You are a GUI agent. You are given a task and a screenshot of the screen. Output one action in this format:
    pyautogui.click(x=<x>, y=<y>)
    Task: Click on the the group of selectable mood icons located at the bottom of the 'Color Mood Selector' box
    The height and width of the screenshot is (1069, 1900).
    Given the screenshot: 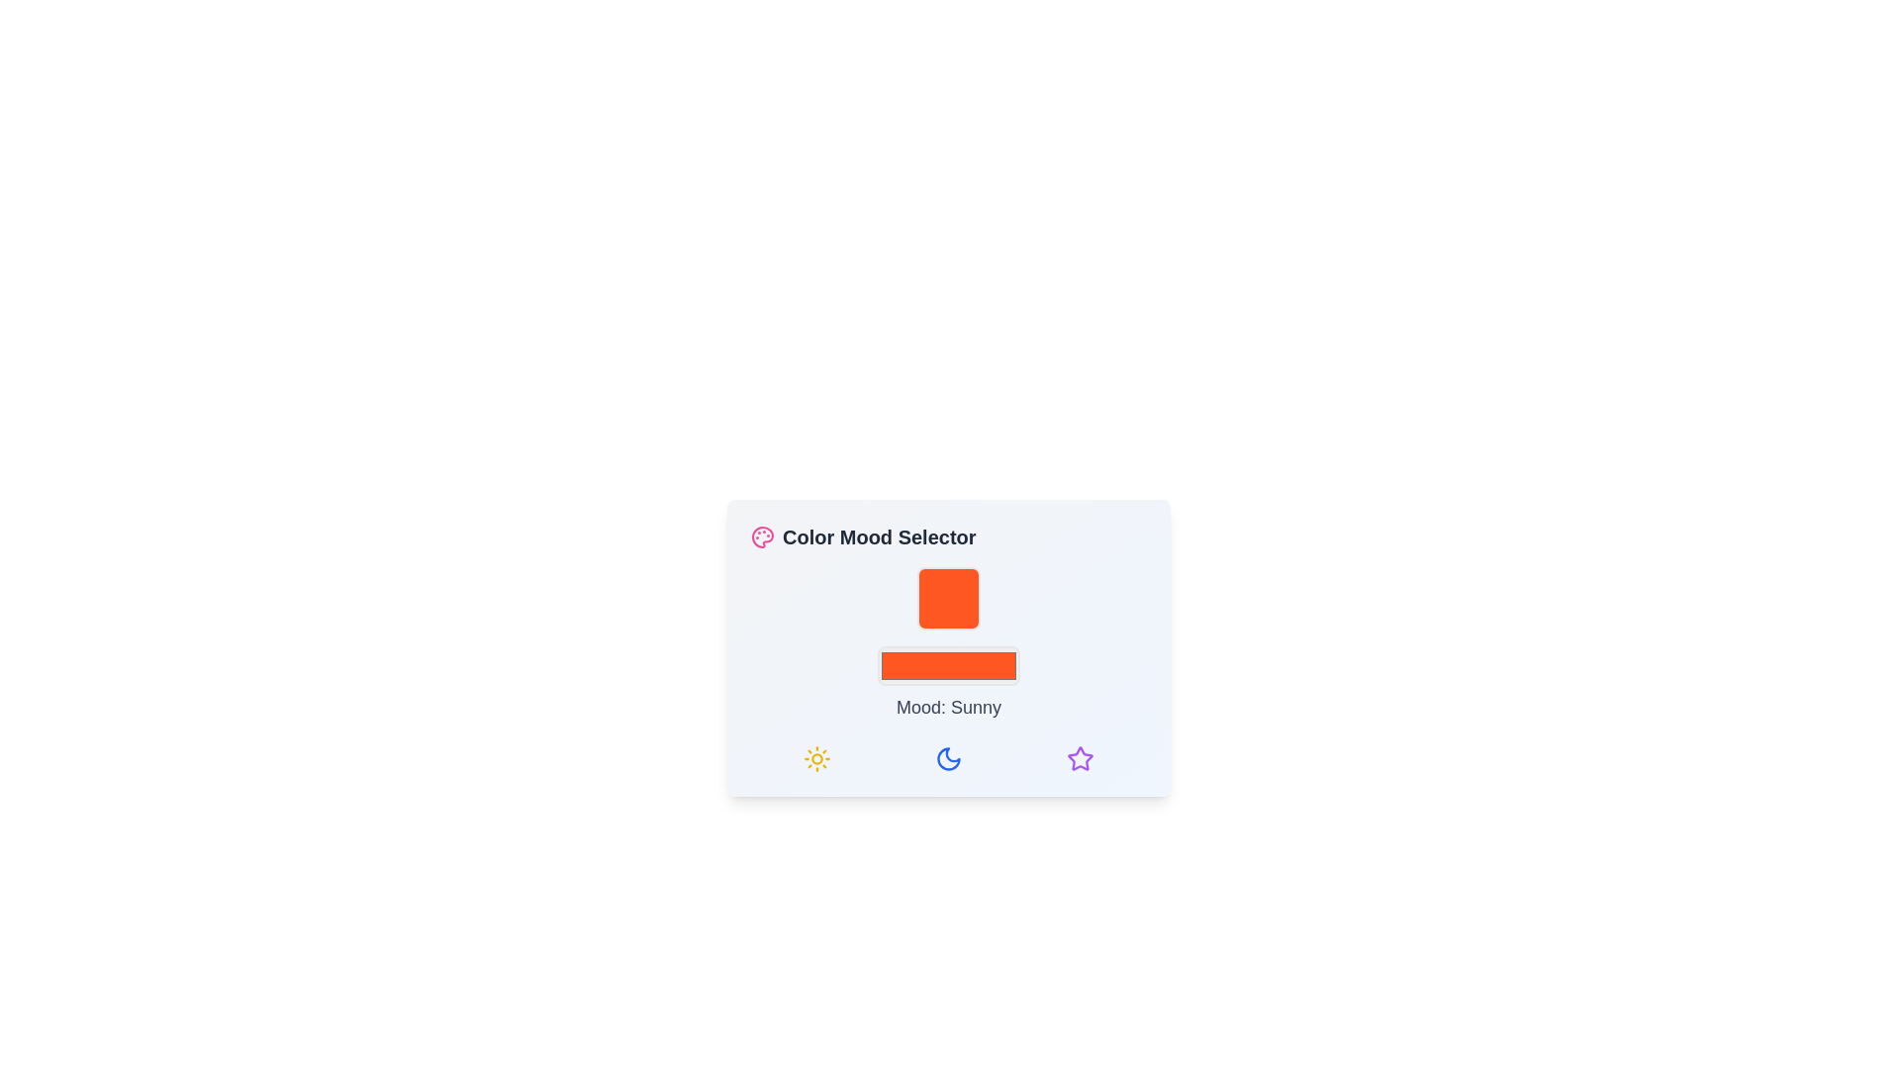 What is the action you would take?
    pyautogui.click(x=948, y=758)
    